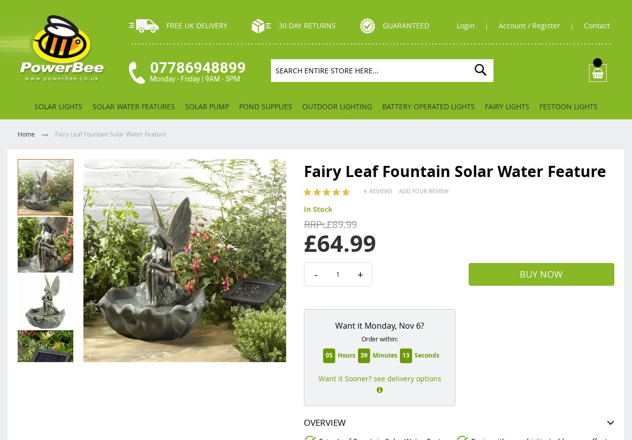 Image resolution: width=632 pixels, height=440 pixels. I want to click on 'Free UK Delivery', so click(195, 25).